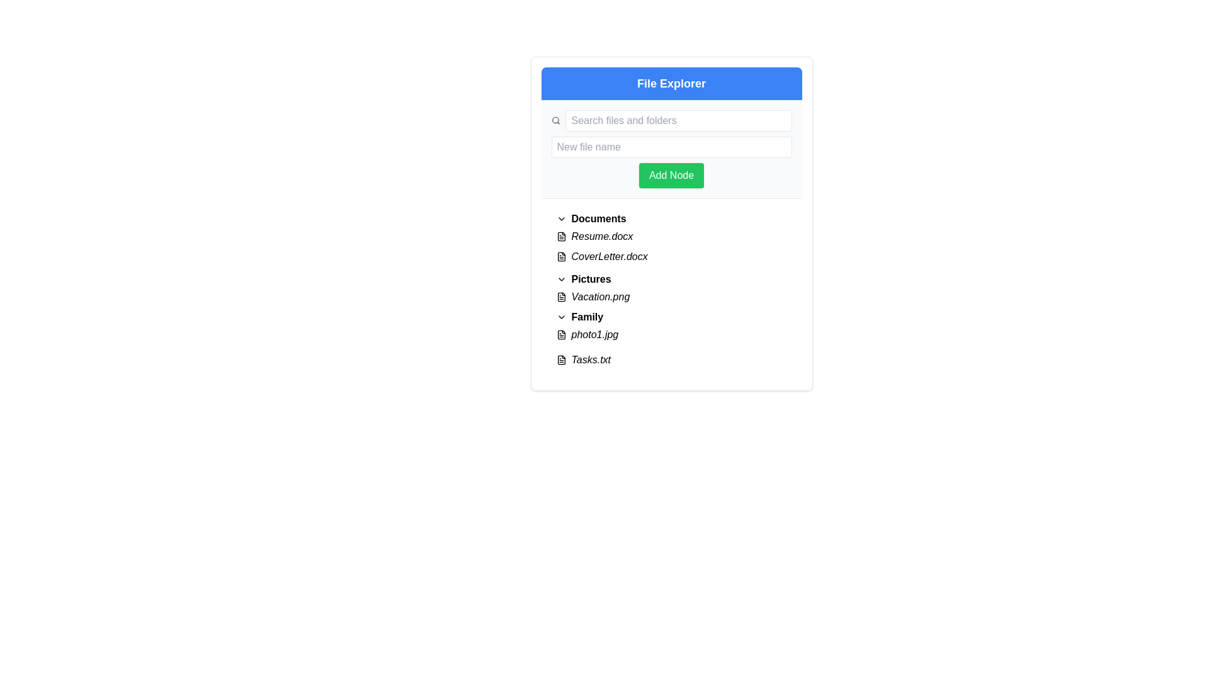 This screenshot has height=680, width=1209. What do you see at coordinates (671, 256) in the screenshot?
I see `the 'CoverLetter.docx' file entry within the Documents folder` at bounding box center [671, 256].